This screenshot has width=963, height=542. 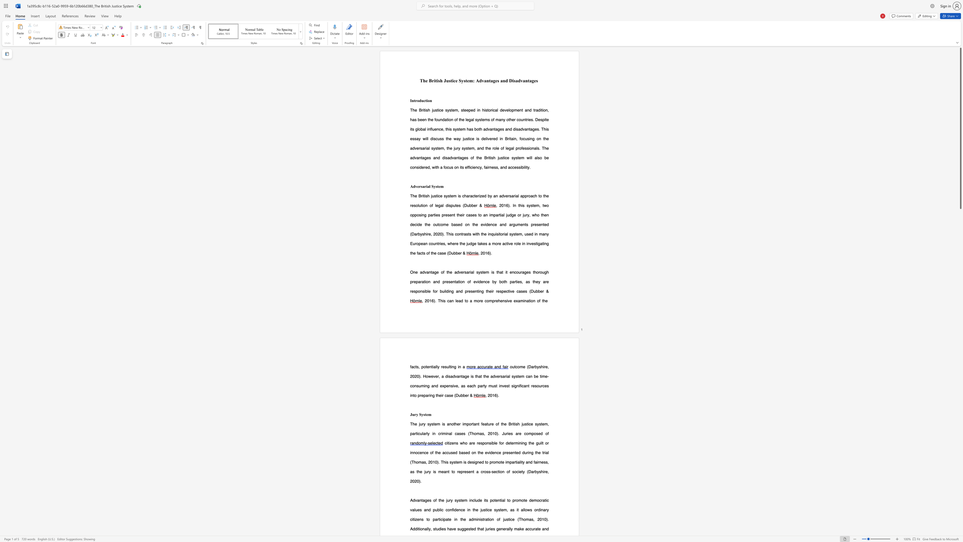 I want to click on the 1th character "b" in the text, so click(x=426, y=291).